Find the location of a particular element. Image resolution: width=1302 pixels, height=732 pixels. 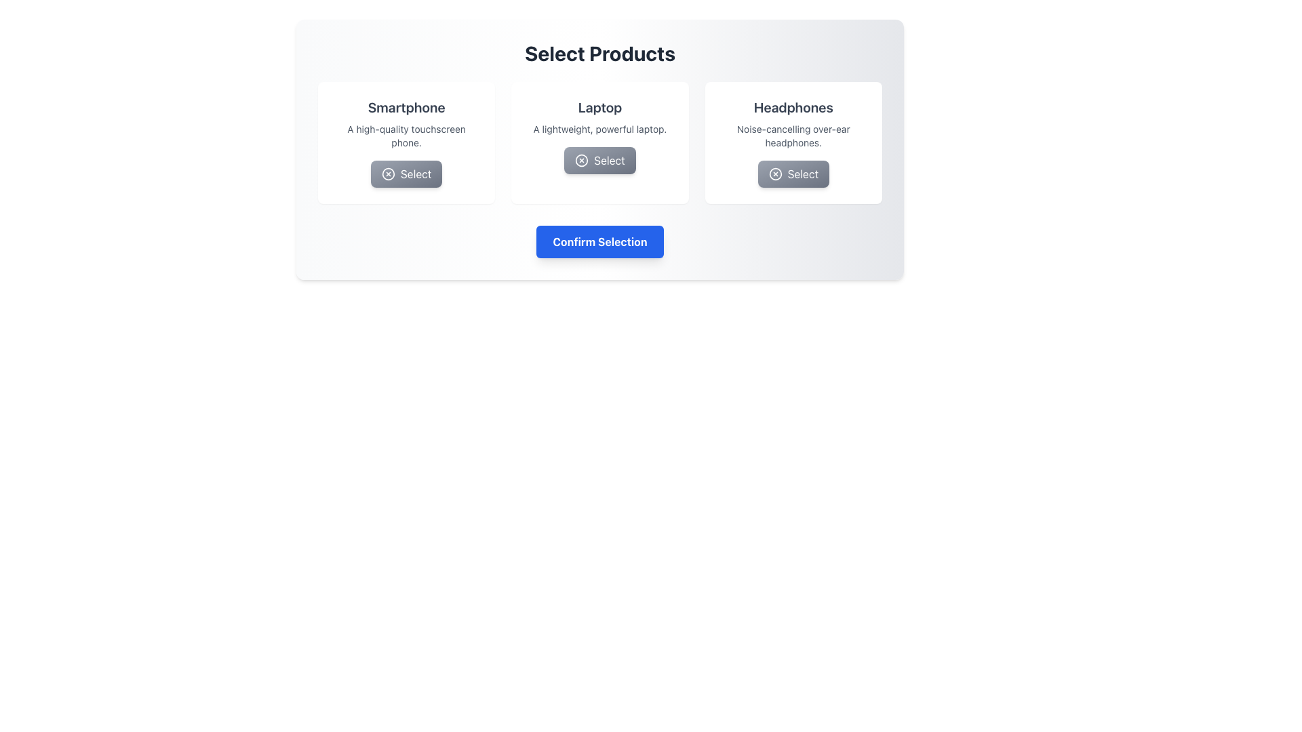

the 'Select' button on the product card titled 'Headphones', which is located in the third column of a three-column grid layout is located at coordinates (793, 143).